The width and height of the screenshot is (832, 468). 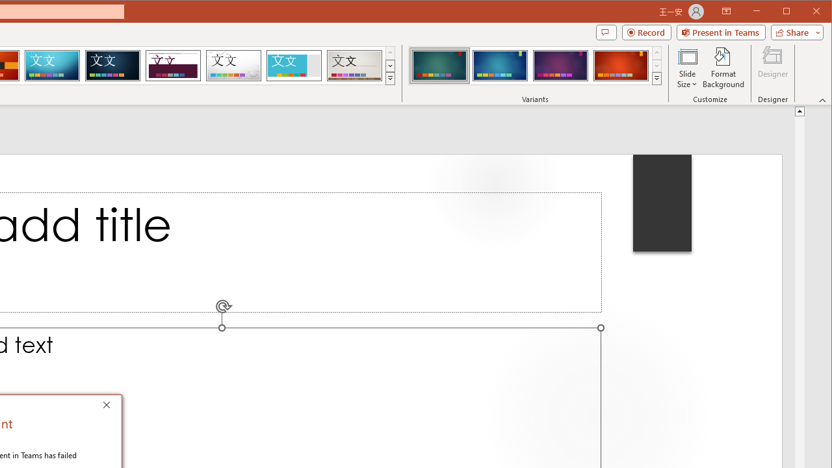 What do you see at coordinates (499, 65) in the screenshot?
I see `'Ion Variant 2'` at bounding box center [499, 65].